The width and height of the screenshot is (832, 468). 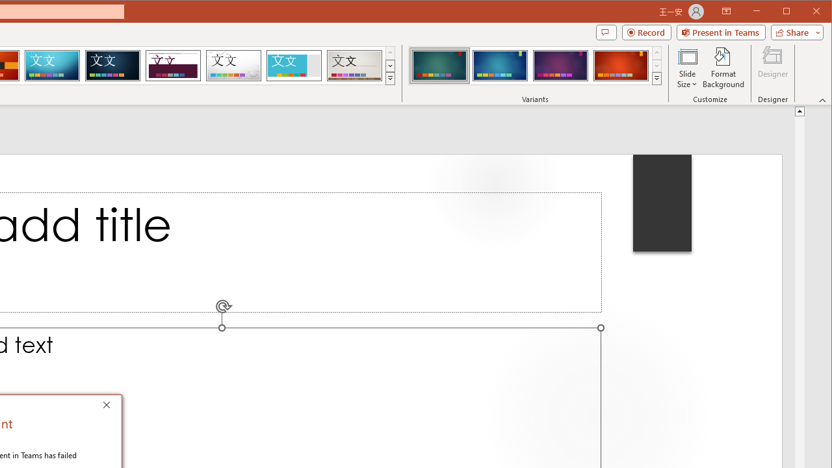 What do you see at coordinates (499, 65) in the screenshot?
I see `'Ion Variant 2'` at bounding box center [499, 65].